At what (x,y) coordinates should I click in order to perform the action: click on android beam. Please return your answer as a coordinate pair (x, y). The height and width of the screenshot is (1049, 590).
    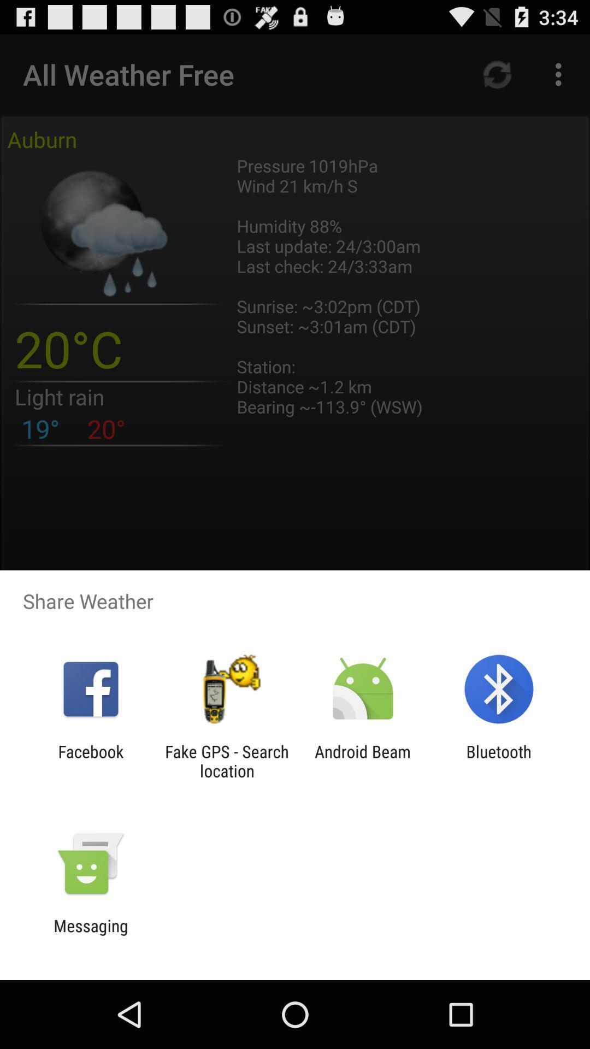
    Looking at the image, I should click on (363, 761).